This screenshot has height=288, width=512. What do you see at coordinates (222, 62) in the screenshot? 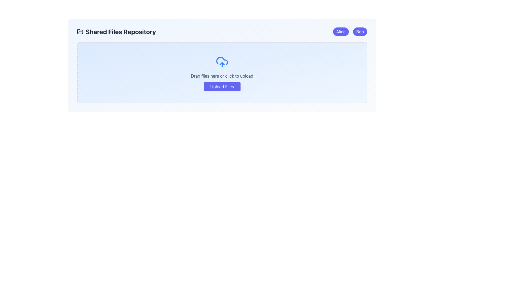
I see `the cloud-shaped icon with an upward arrow, styled in blue, located above the text 'Drag files here or click to upload'` at bounding box center [222, 62].